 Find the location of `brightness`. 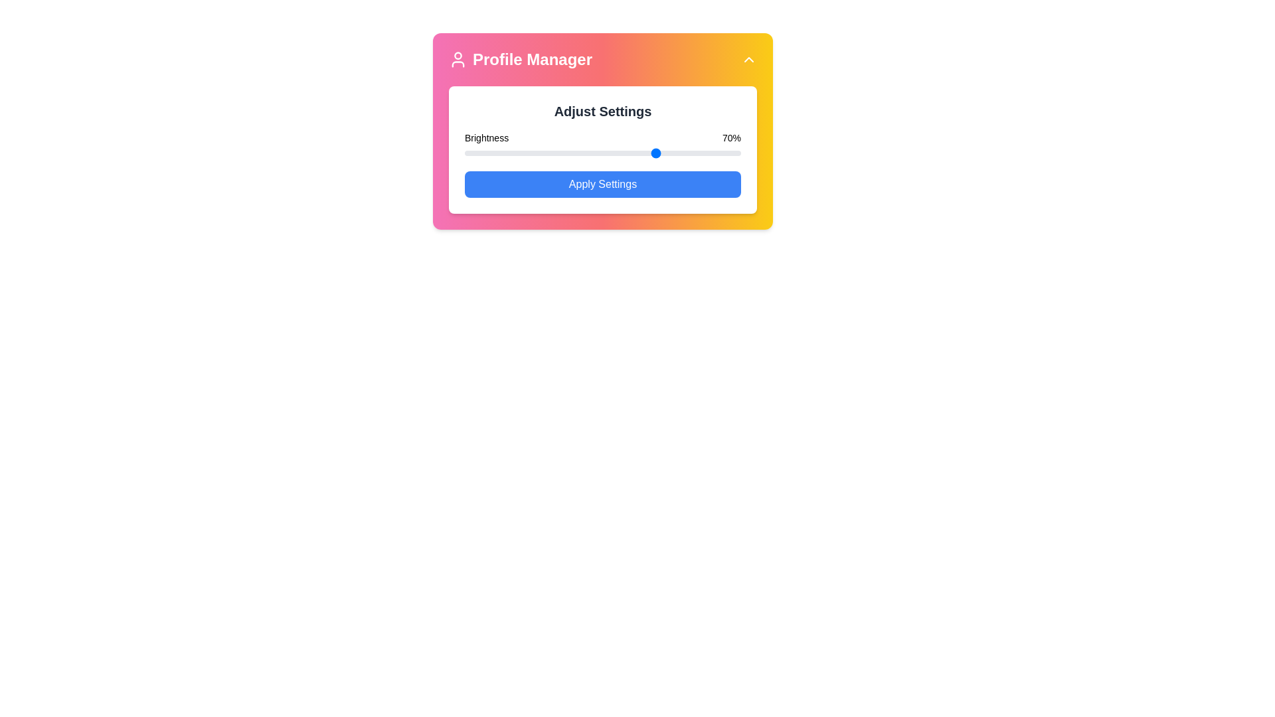

brightness is located at coordinates (680, 153).